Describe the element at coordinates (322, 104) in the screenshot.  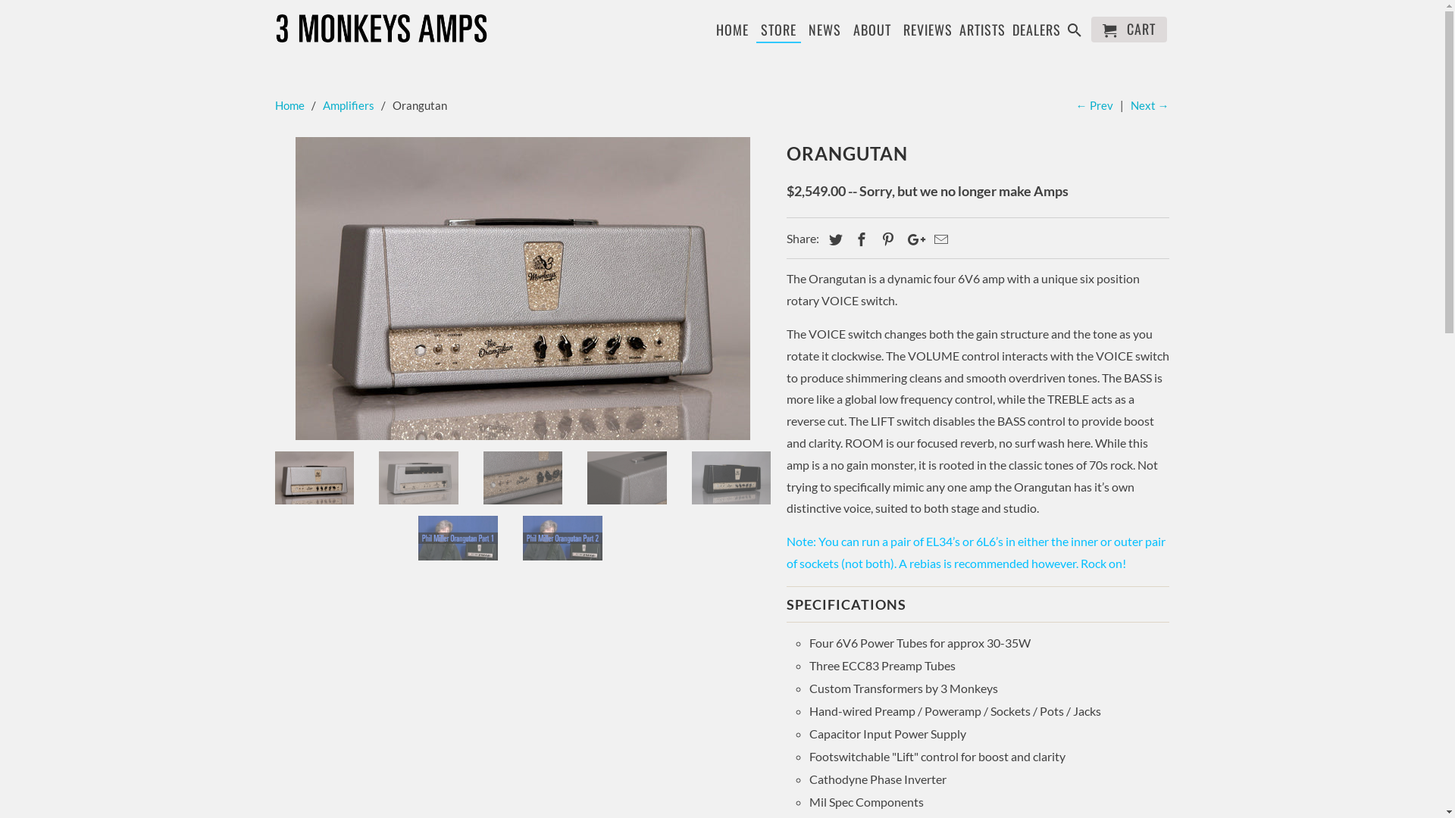
I see `'Amplifiers'` at that location.